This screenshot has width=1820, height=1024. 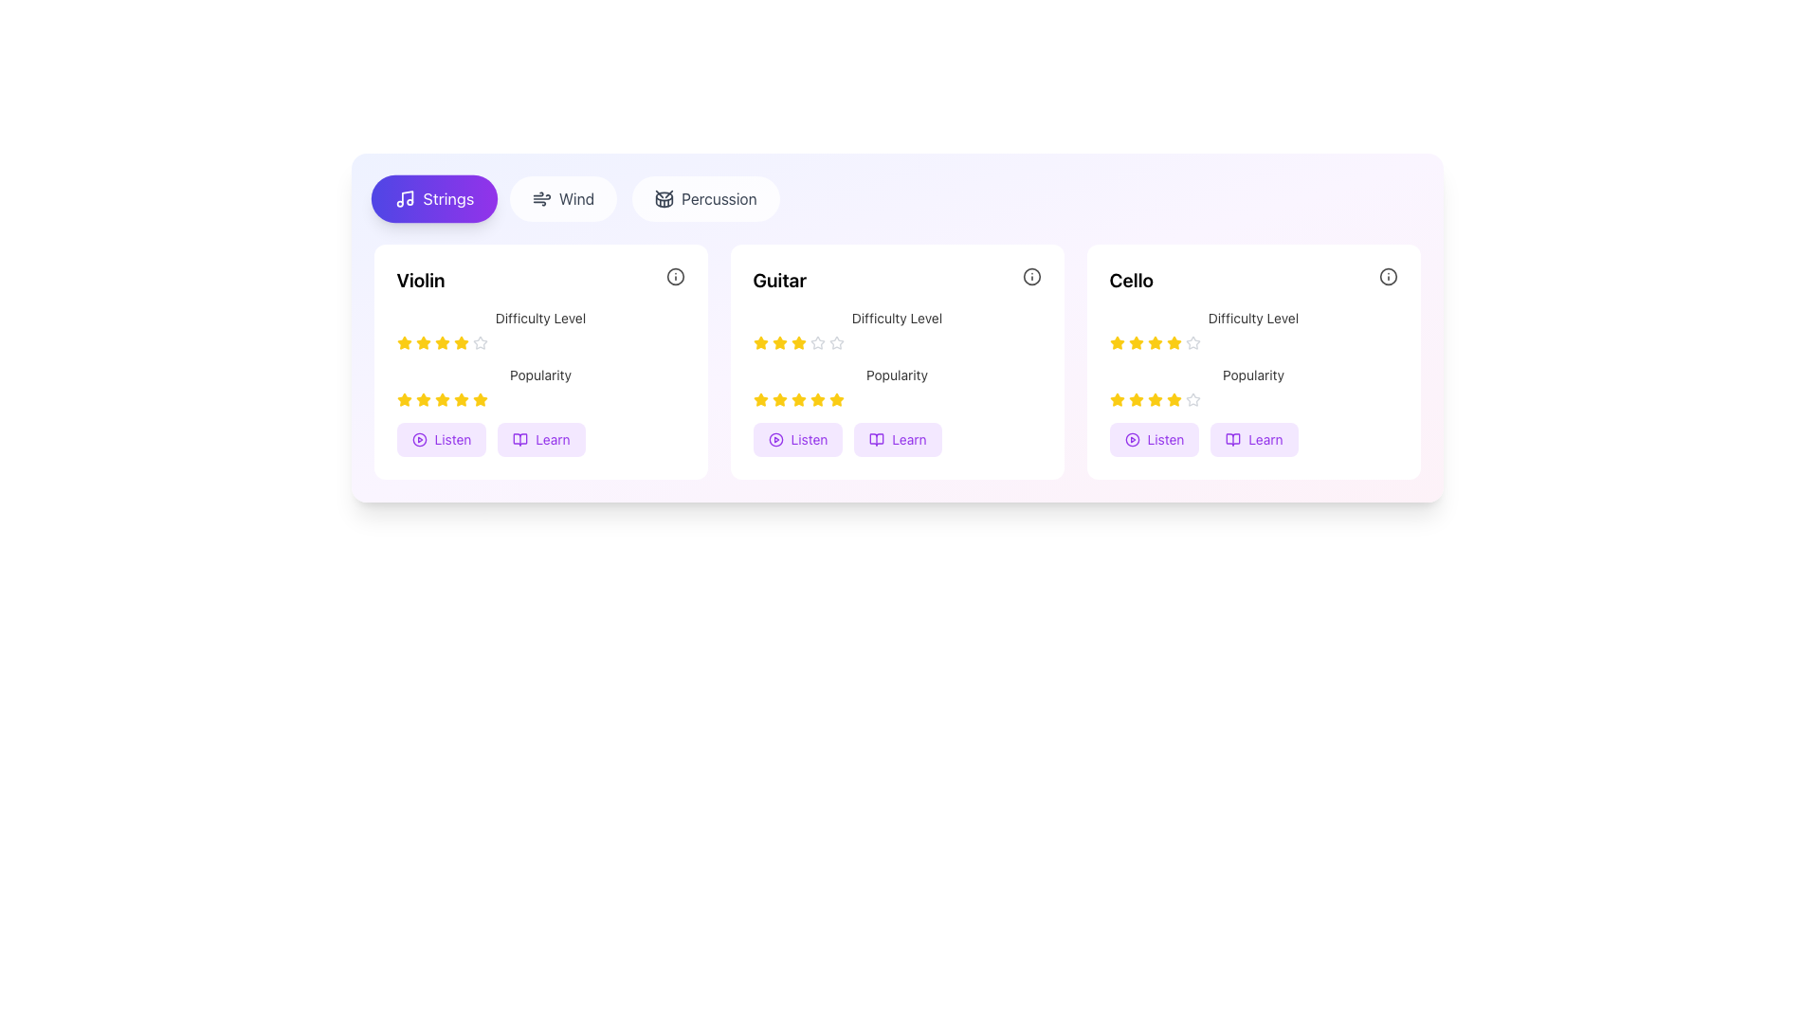 I want to click on the rating displayed by the horizontal arrangement of five star icons within the 'Cello' card under the 'Difficulty Level' section, so click(x=1253, y=343).